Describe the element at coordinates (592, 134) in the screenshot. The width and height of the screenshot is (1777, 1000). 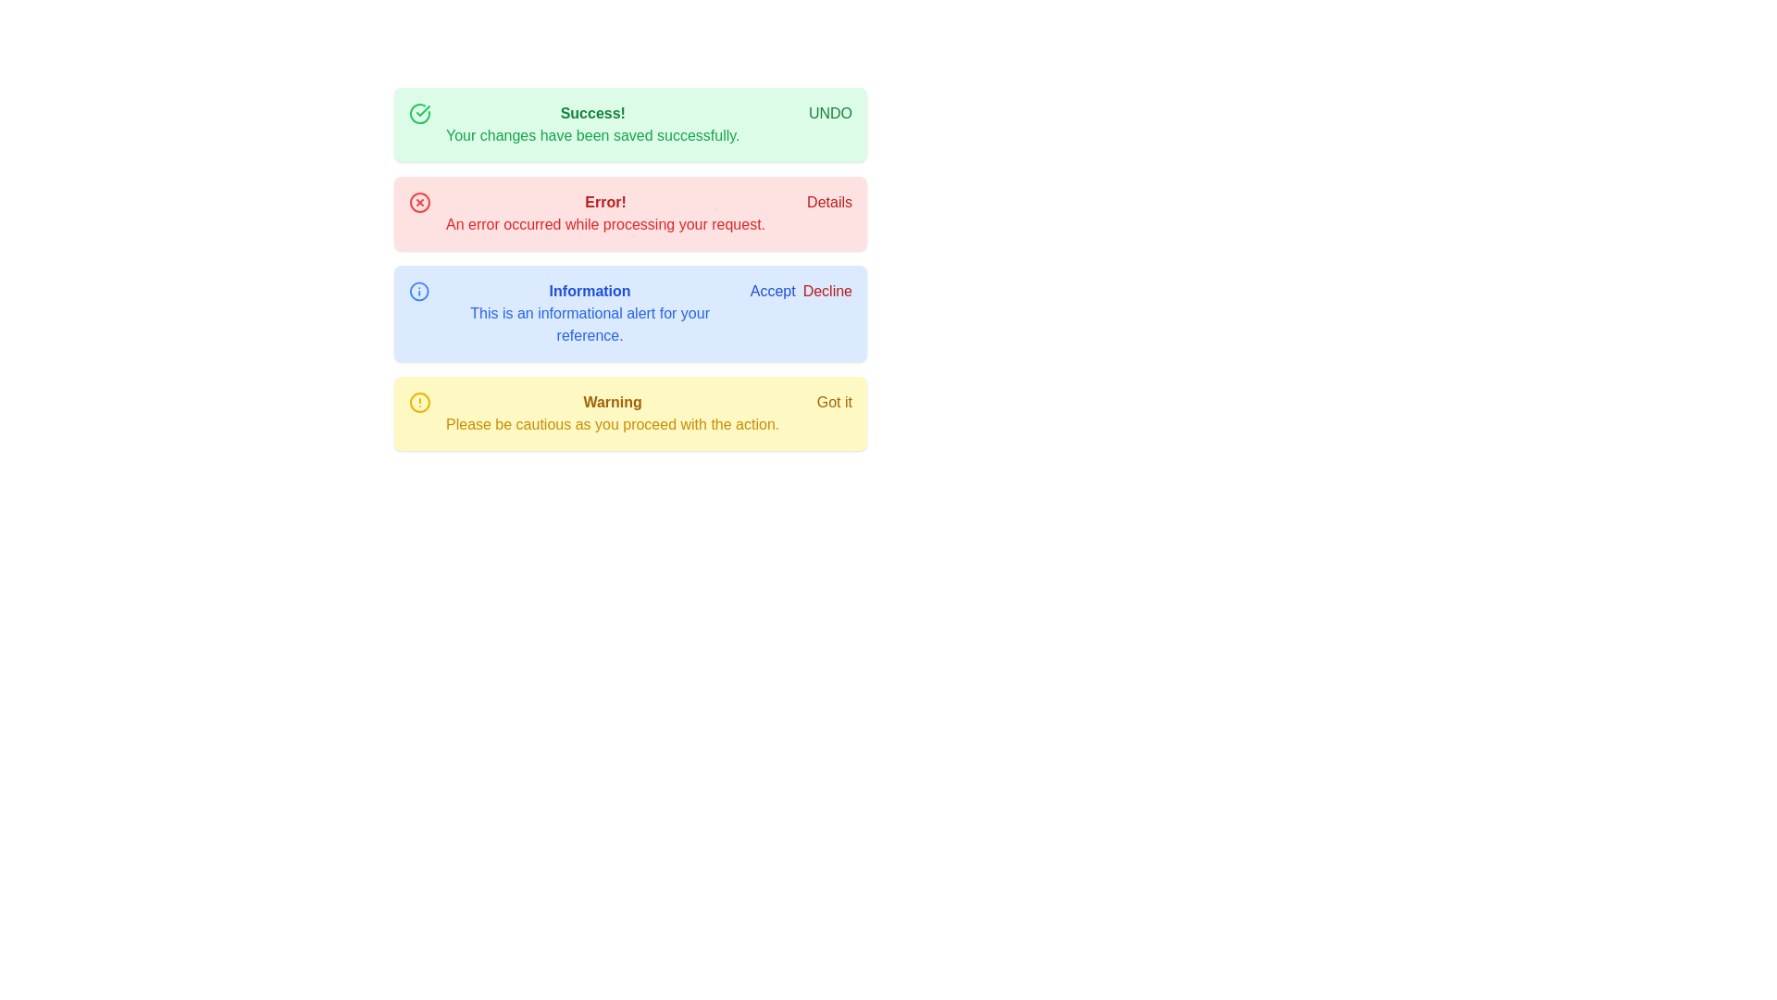
I see `message displayed in the text label that says 'Your changes have been saved successfully.' which is located in the green notification box beneath the title 'Success!'` at that location.